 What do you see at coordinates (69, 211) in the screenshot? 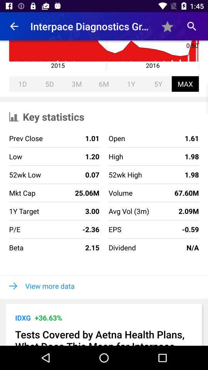
I see `the 3.00` at bounding box center [69, 211].